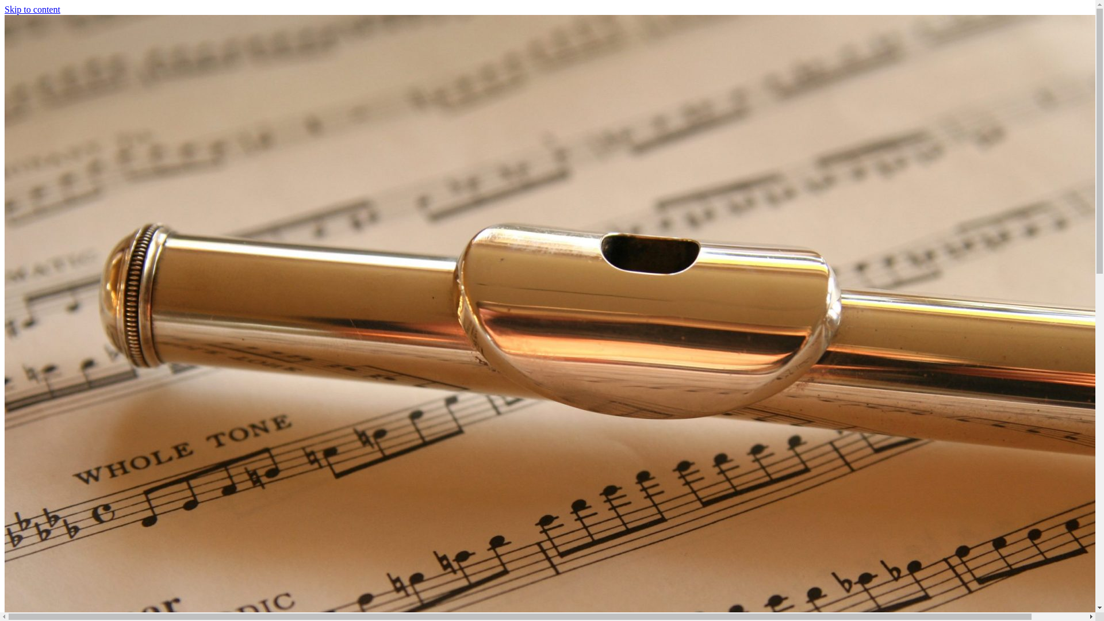 Image resolution: width=1104 pixels, height=621 pixels. Describe the element at coordinates (32, 9) in the screenshot. I see `'Skip to content'` at that location.